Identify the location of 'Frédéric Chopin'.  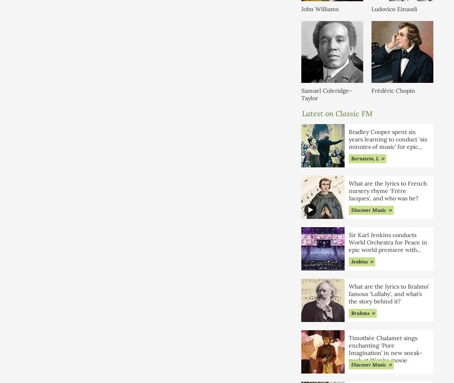
(393, 89).